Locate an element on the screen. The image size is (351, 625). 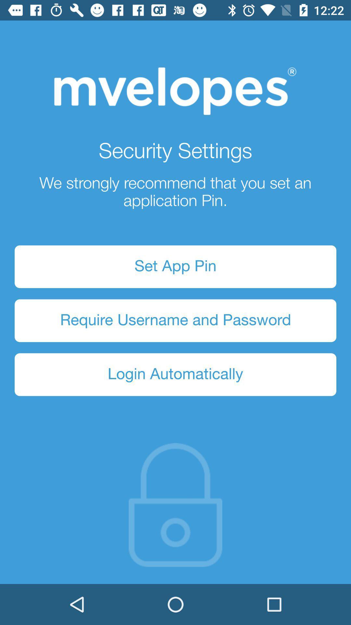
icon below set app pin is located at coordinates (175, 321).